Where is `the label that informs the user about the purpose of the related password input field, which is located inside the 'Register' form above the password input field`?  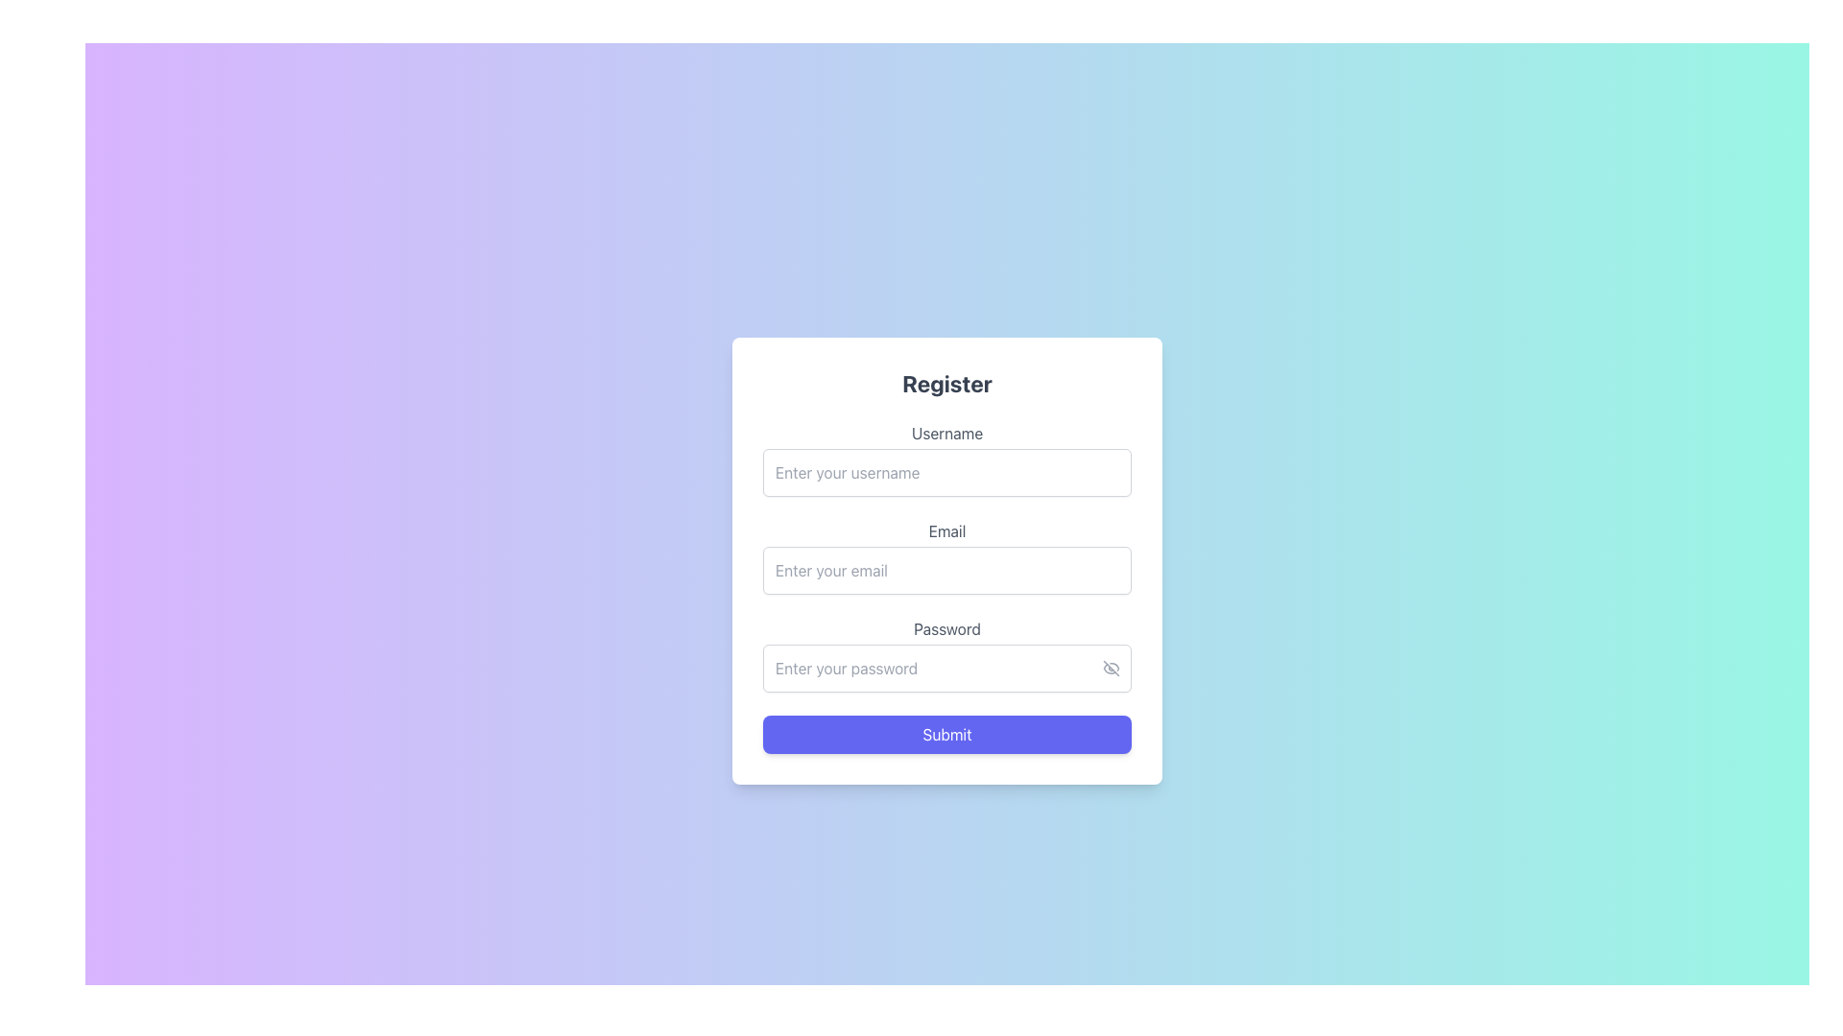
the label that informs the user about the purpose of the related password input field, which is located inside the 'Register' form above the password input field is located at coordinates (947, 628).